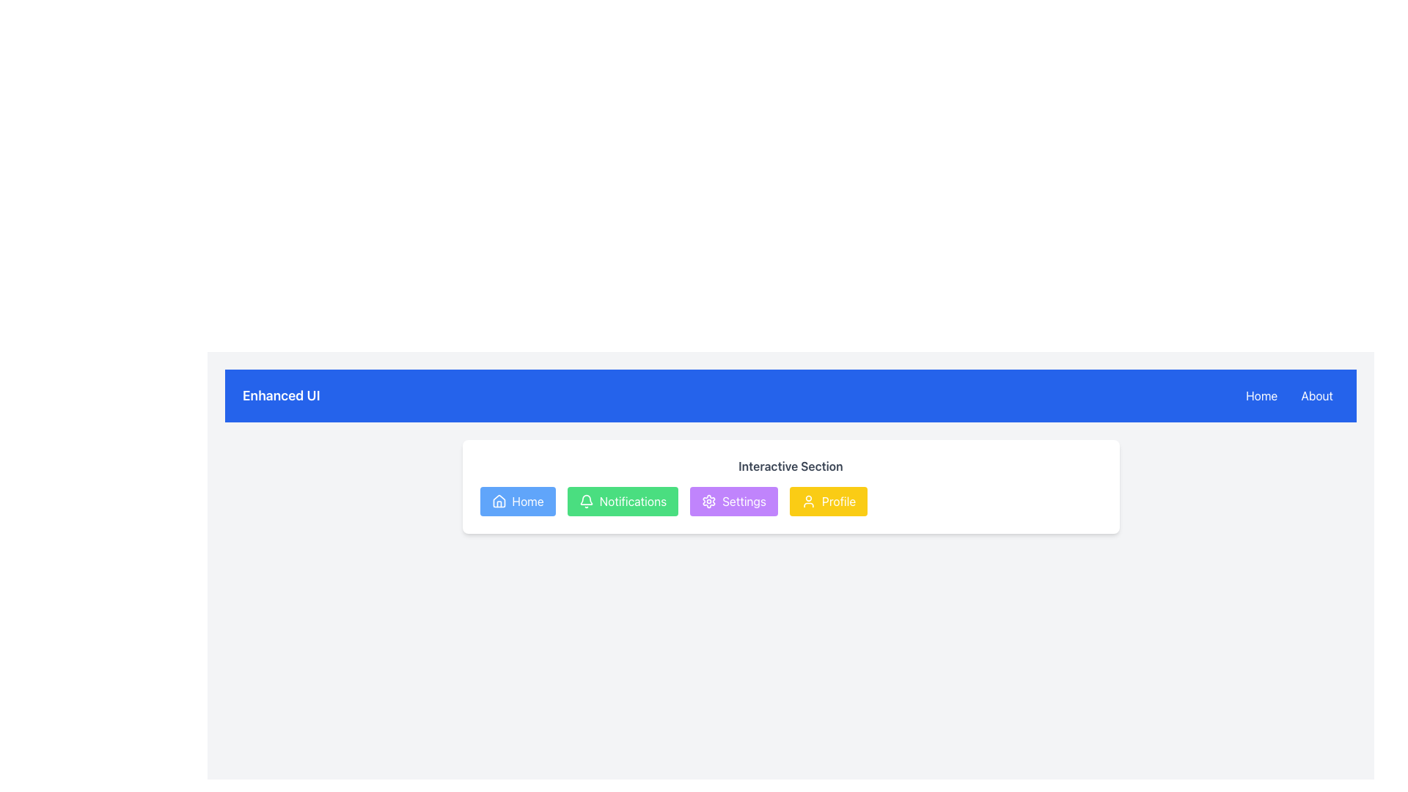  I want to click on the cog-like settings icon embedded within the purple rectangle labeled 'Settings', so click(709, 500).